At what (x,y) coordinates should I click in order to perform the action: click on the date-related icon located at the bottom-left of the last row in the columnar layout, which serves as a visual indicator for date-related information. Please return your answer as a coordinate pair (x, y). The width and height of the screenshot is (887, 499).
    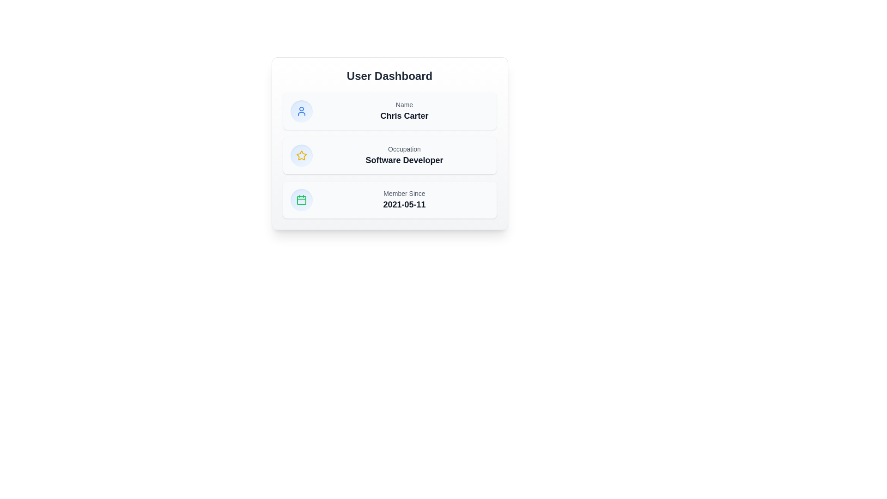
    Looking at the image, I should click on (301, 199).